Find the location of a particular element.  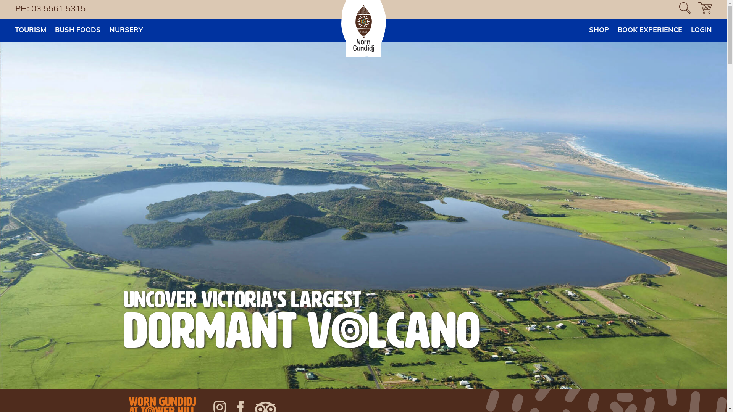

'Cart' is located at coordinates (705, 9).